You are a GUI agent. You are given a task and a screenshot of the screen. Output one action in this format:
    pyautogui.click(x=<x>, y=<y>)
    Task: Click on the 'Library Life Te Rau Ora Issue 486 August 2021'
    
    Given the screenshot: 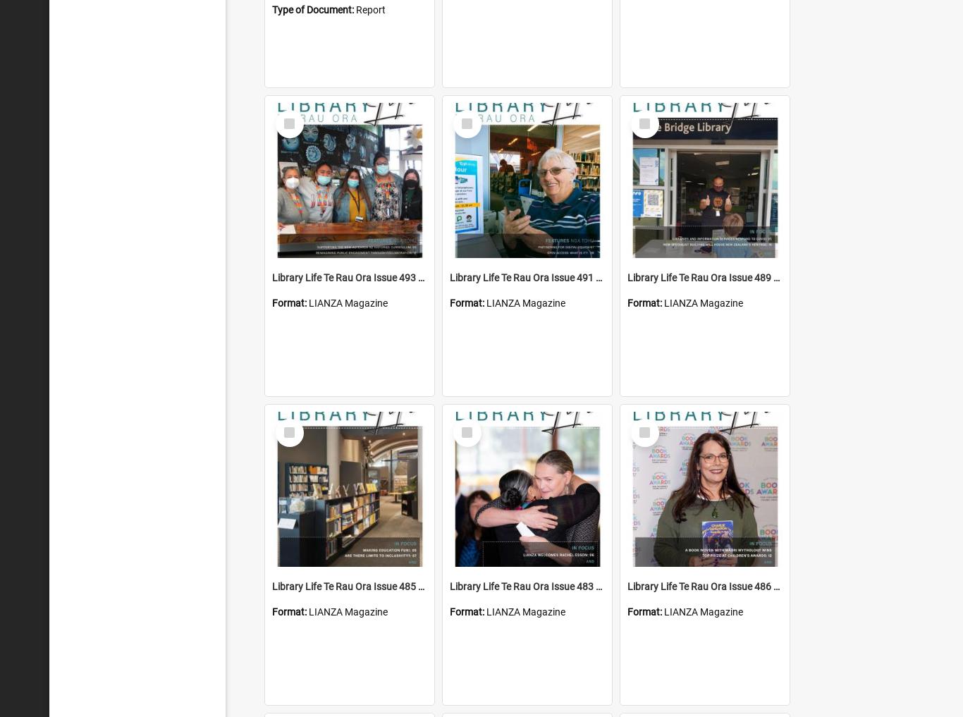 What is the action you would take?
    pyautogui.click(x=728, y=586)
    